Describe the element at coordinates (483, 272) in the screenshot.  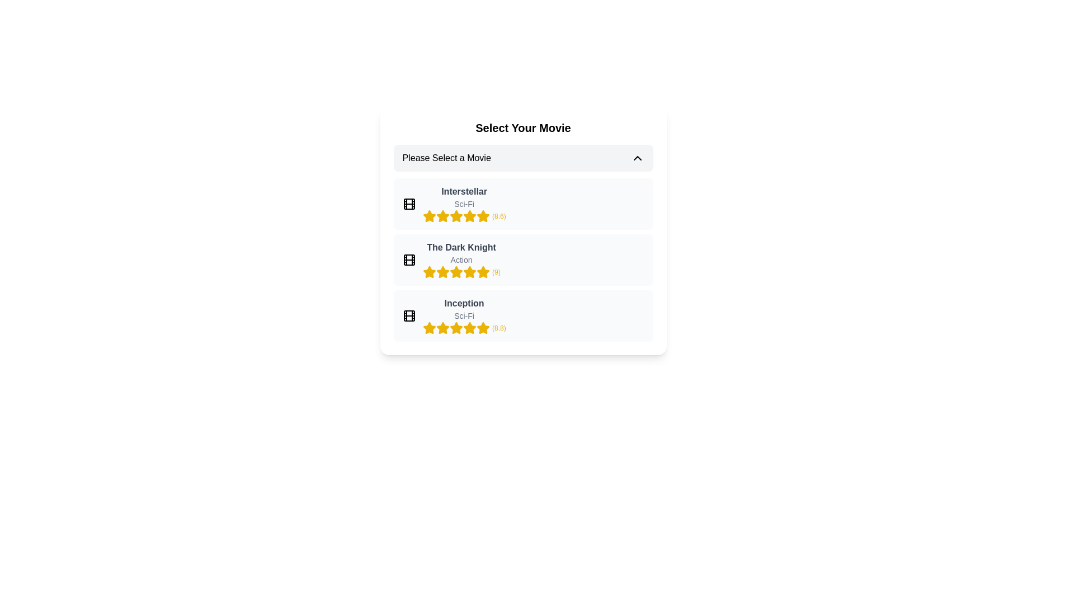
I see `the fifth star icon in the rating scale for 'The Dark Knight' movie, located in the third row of the list, which indicates its rating level` at that location.